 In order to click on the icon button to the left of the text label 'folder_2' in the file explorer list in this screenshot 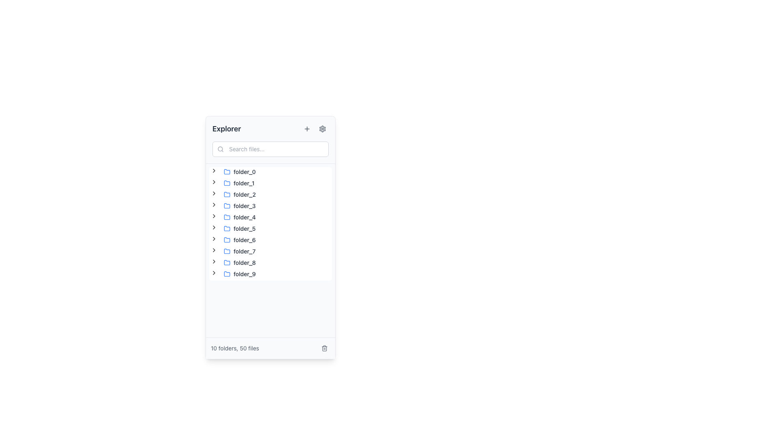, I will do `click(214, 193)`.